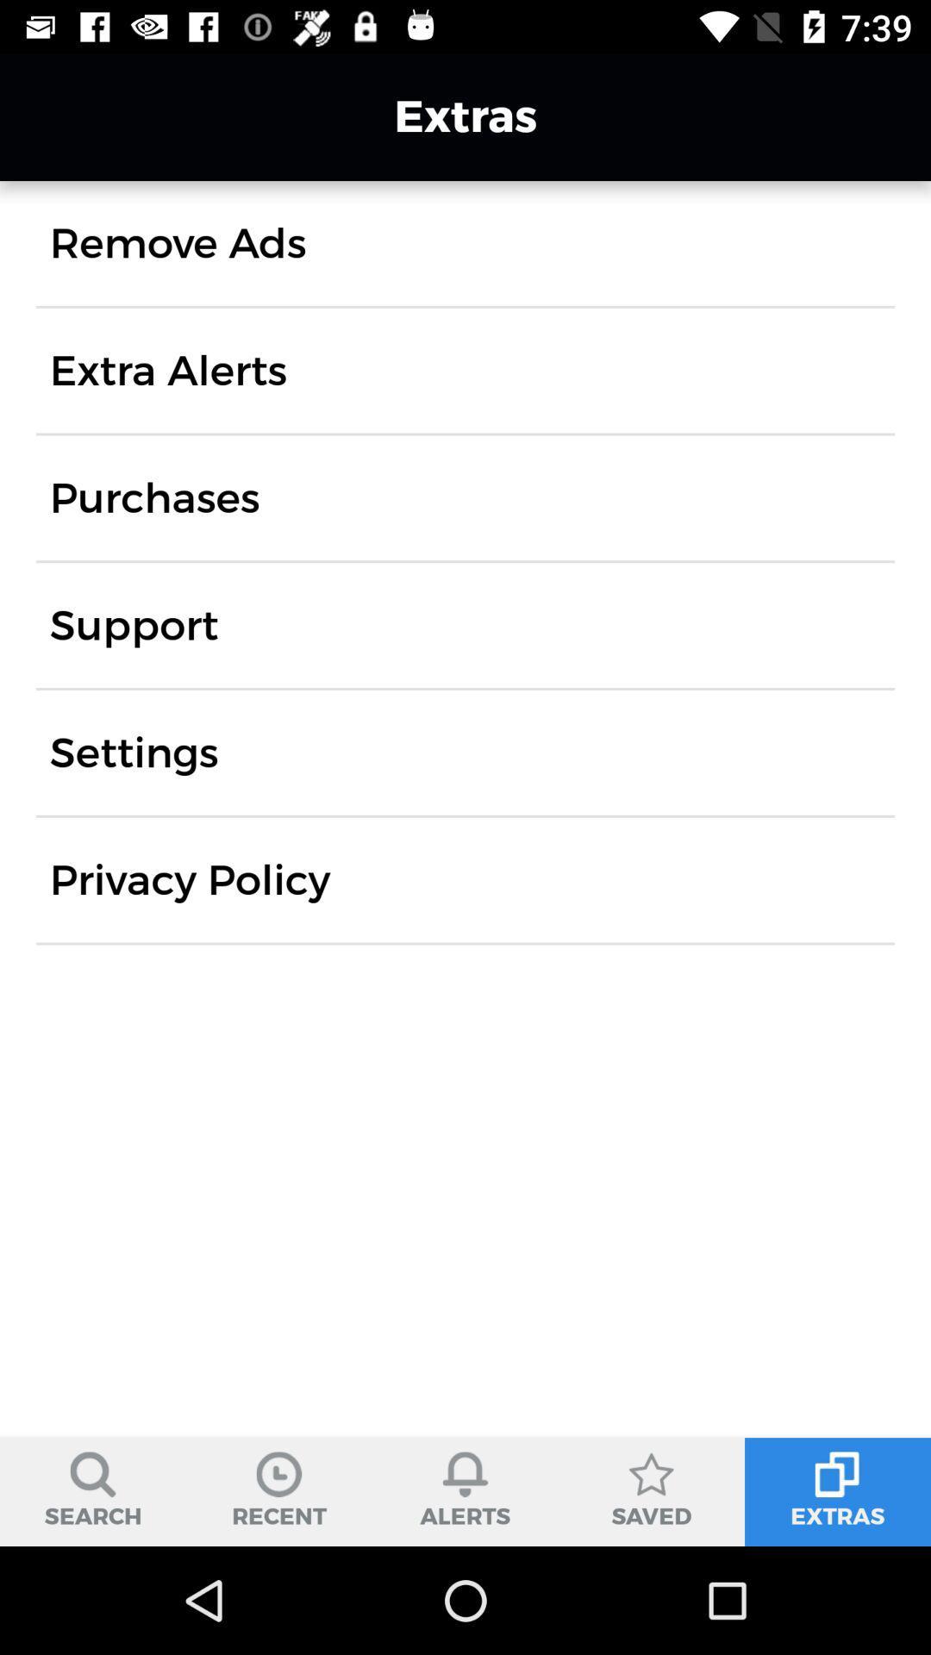 Image resolution: width=931 pixels, height=1655 pixels. I want to click on the support, so click(133, 624).